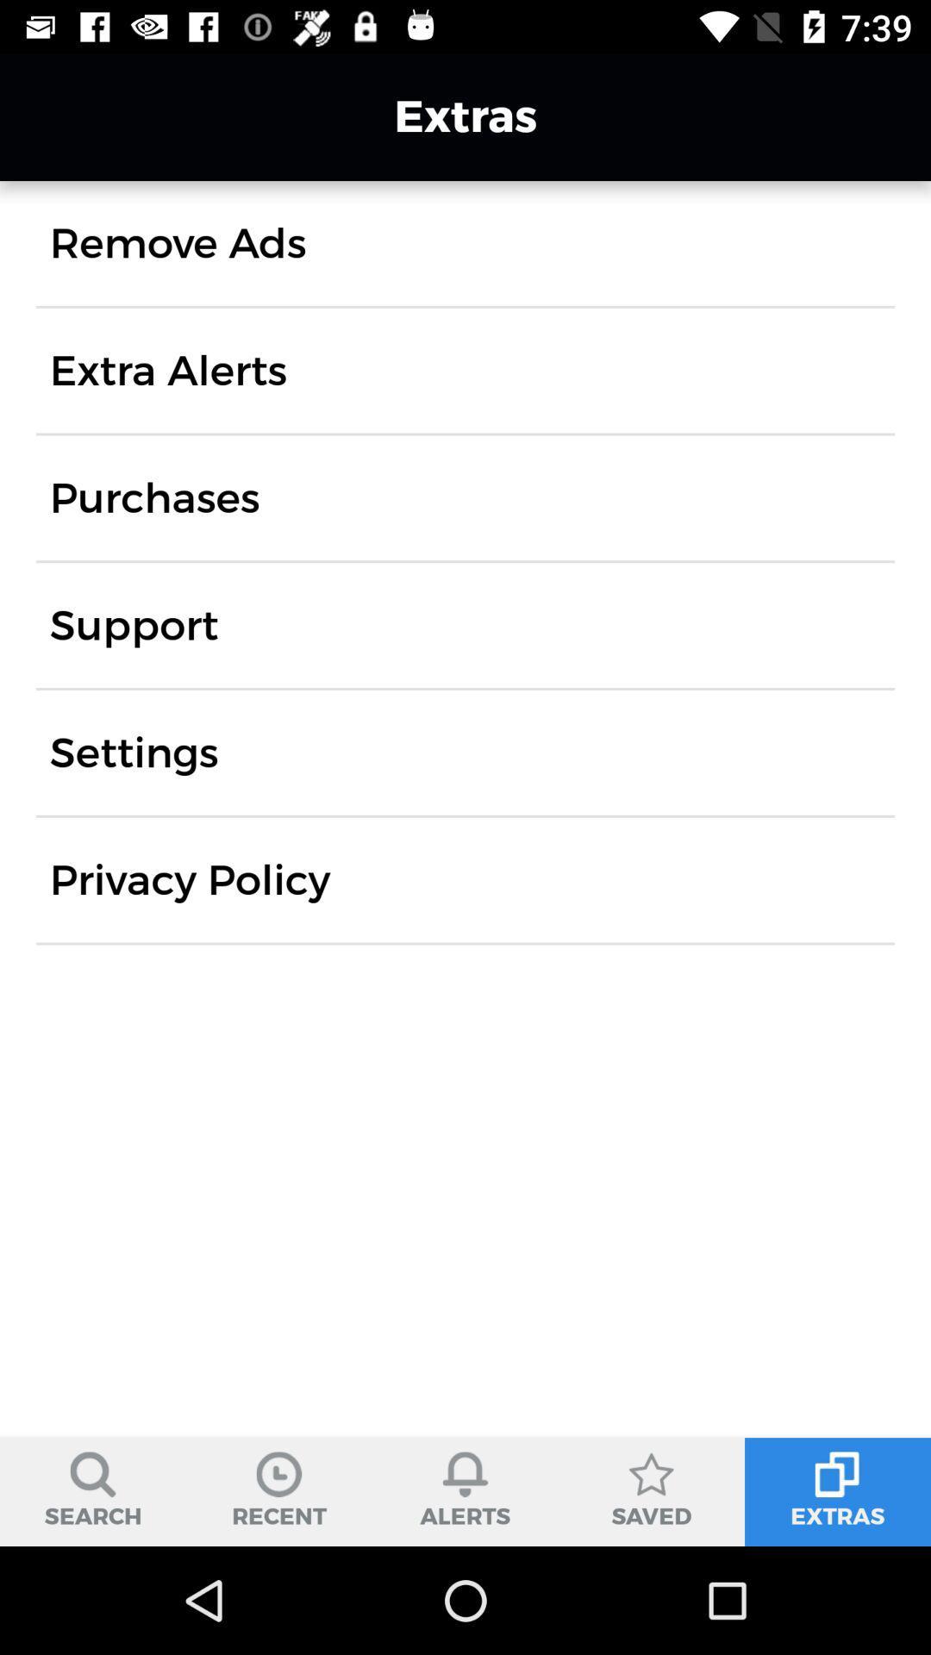 Image resolution: width=931 pixels, height=1655 pixels. I want to click on the support, so click(133, 624).